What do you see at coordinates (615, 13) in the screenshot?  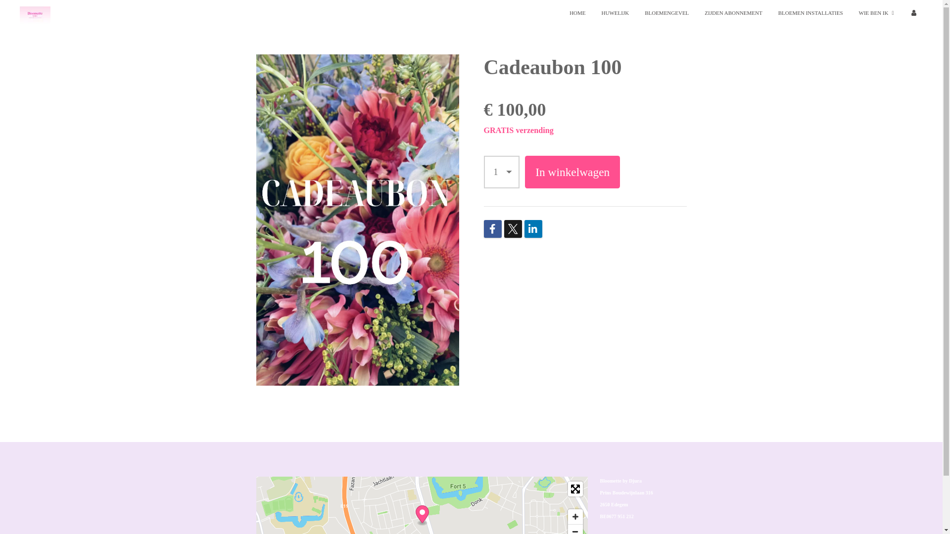 I see `'HUWELIJK'` at bounding box center [615, 13].